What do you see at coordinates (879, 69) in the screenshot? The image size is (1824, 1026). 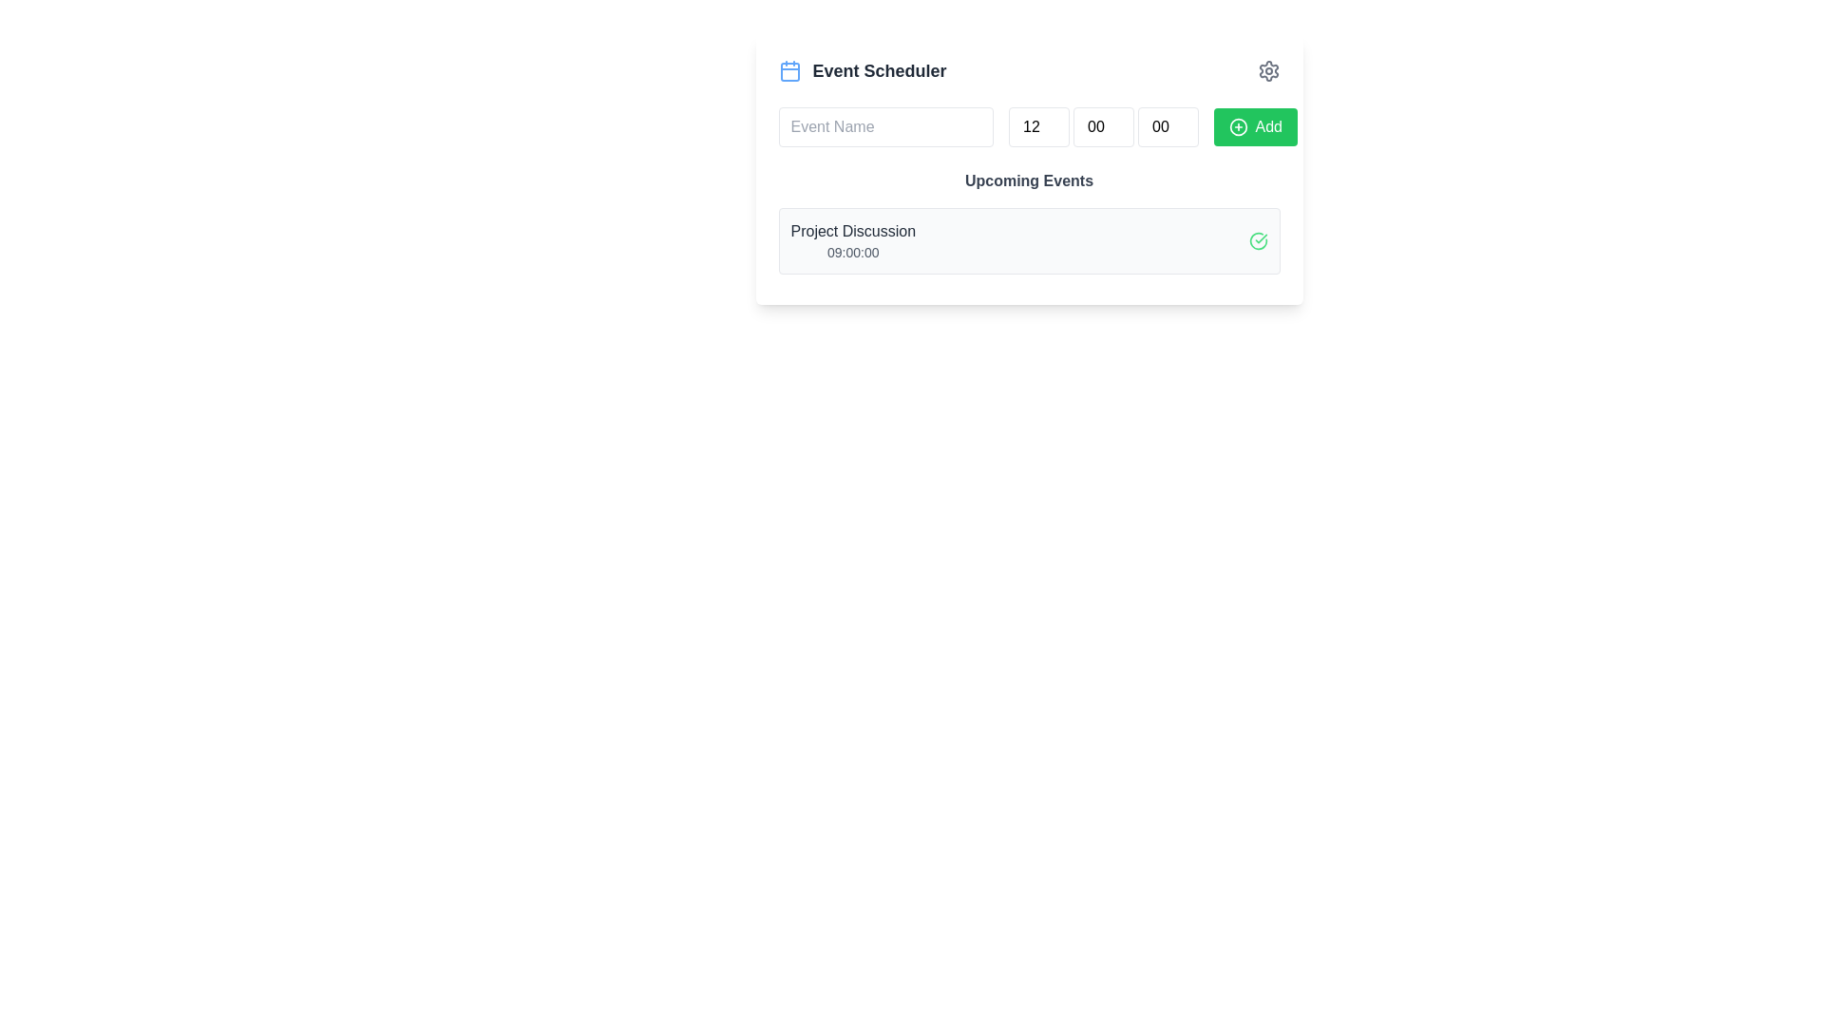 I see `header text labeled 'Event Scheduler' to understand the section's purpose, which is positioned in the top-left corner of the interface` at bounding box center [879, 69].